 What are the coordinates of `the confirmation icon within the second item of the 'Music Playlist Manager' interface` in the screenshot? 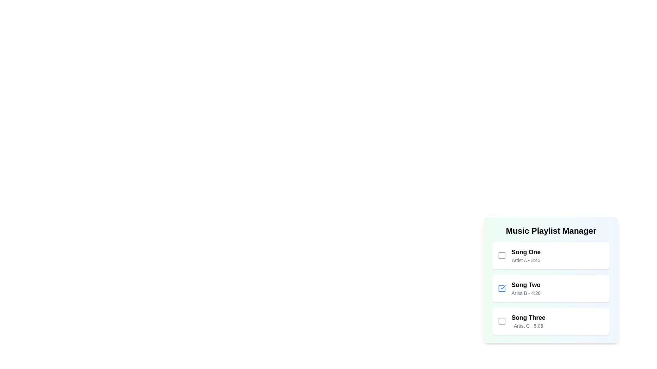 It's located at (503, 287).